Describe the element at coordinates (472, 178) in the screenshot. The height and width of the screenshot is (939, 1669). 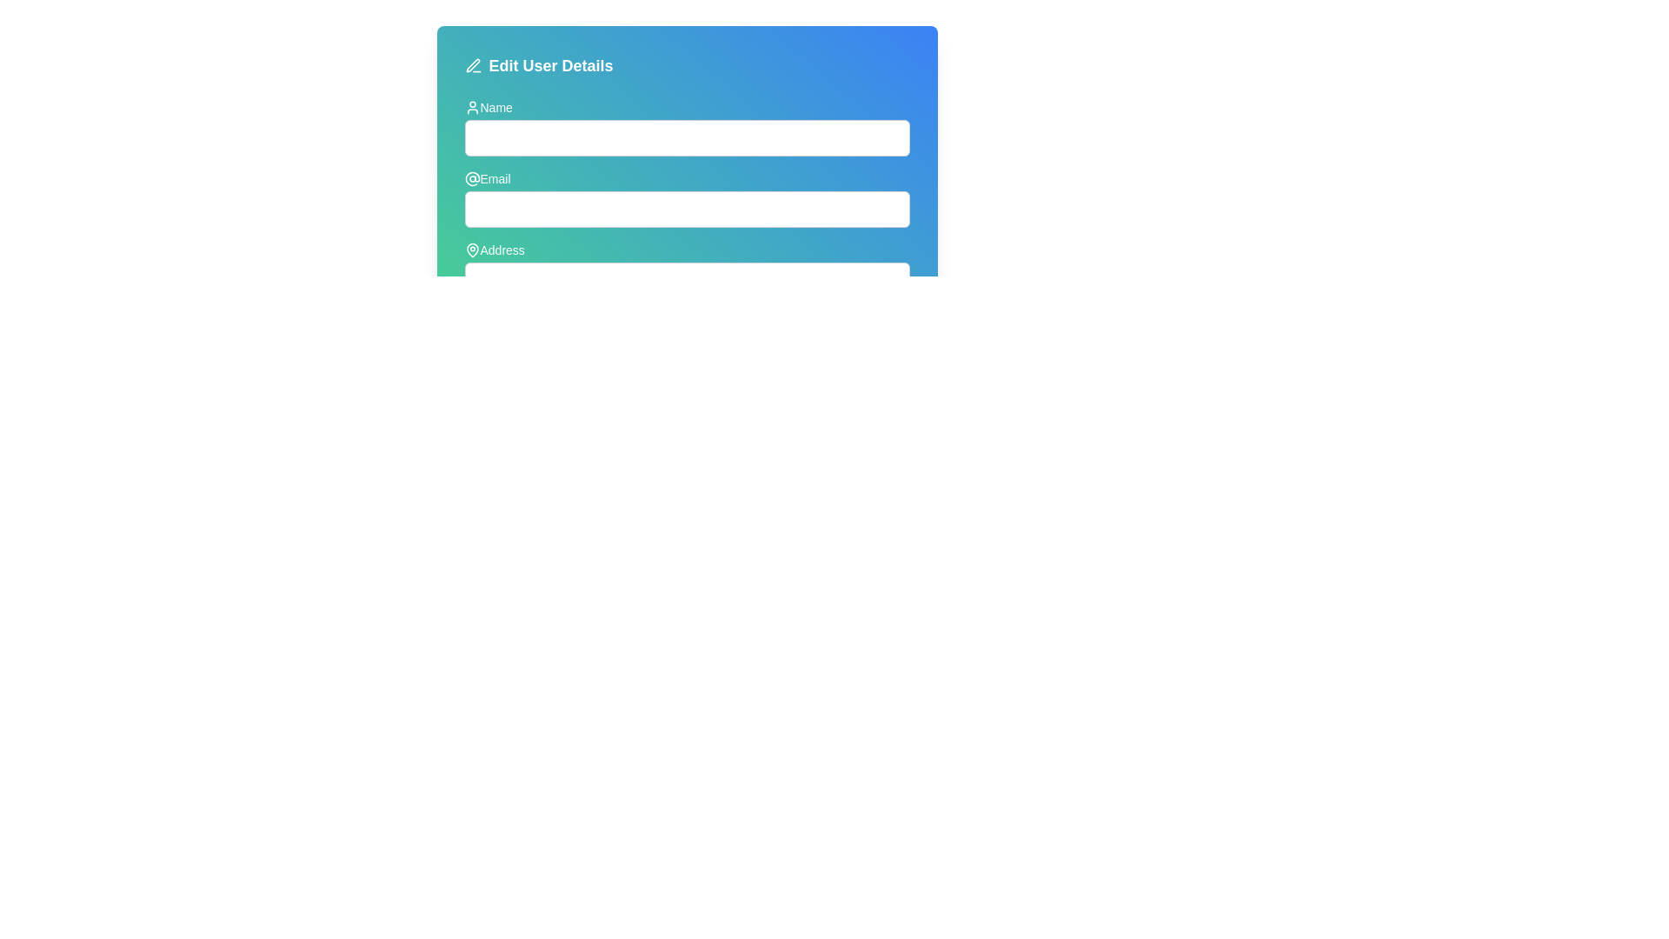
I see `the email icon located in the second row of the form, directly adjacent to the label 'Email'` at that location.